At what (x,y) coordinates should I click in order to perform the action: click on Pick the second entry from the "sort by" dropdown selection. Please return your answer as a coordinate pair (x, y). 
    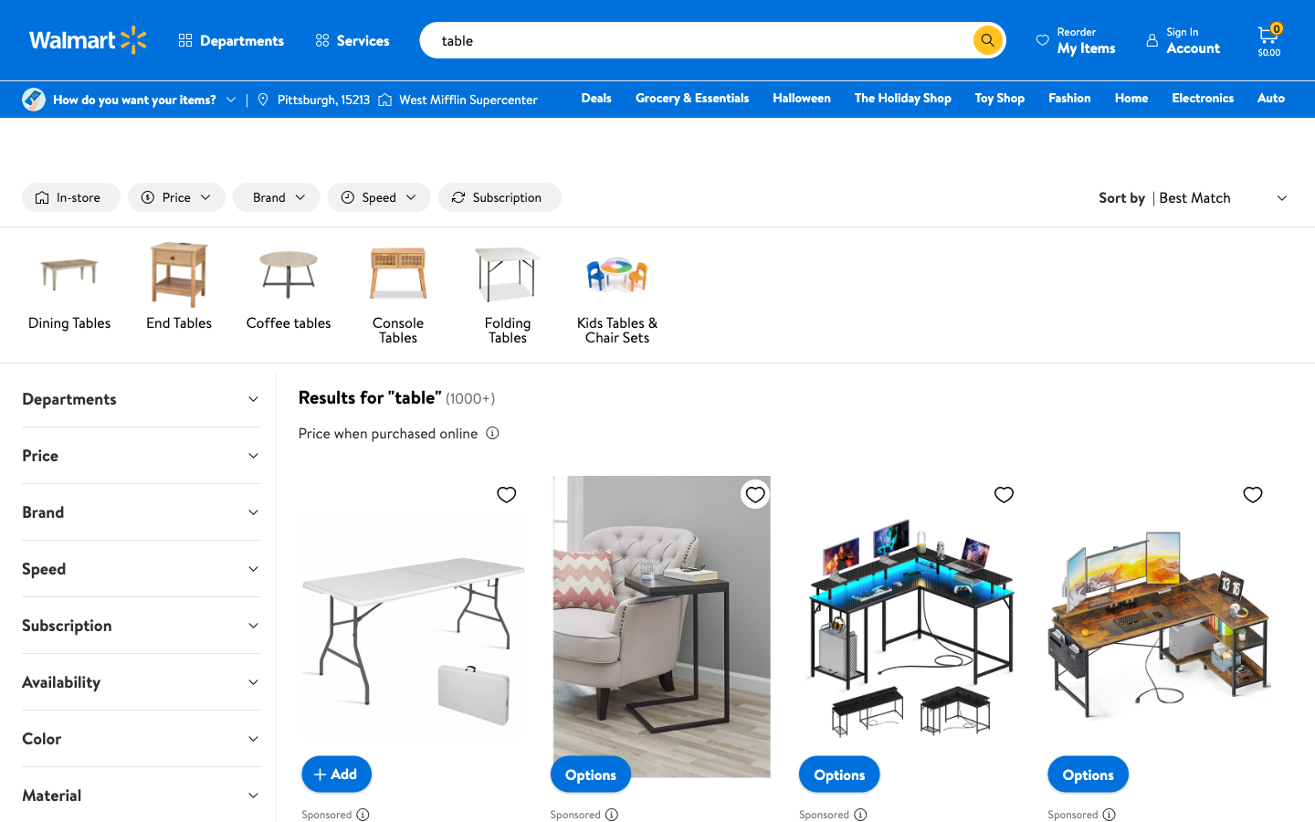
    Looking at the image, I should click on (1223, 197).